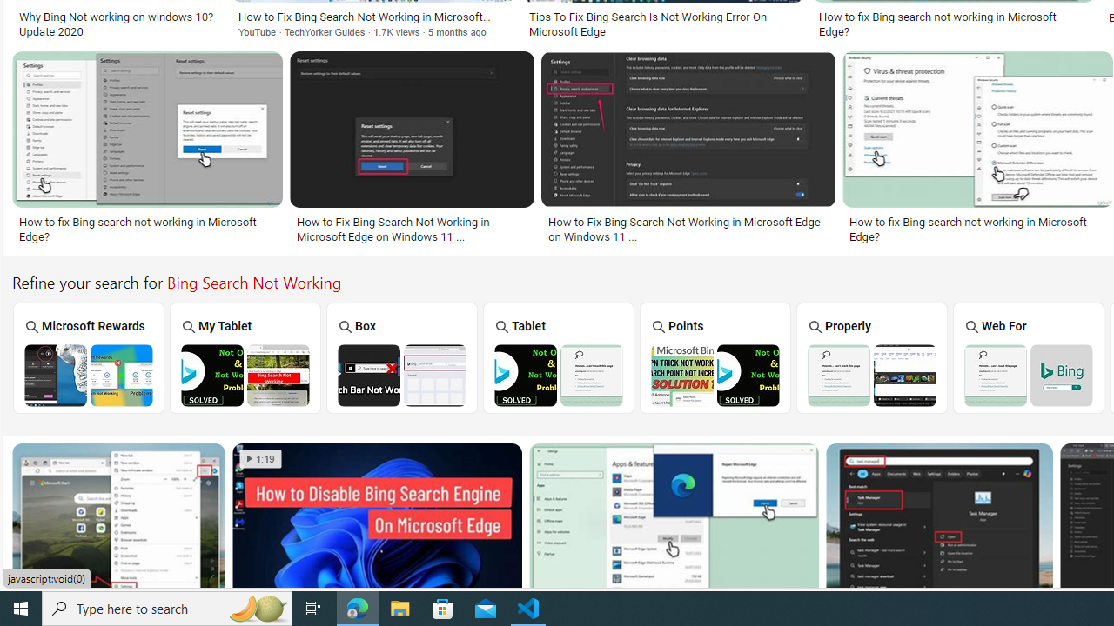  What do you see at coordinates (87, 356) in the screenshot?
I see `'Microsoft Rewards Bing Search Not Working Microsoft Rewards'` at bounding box center [87, 356].